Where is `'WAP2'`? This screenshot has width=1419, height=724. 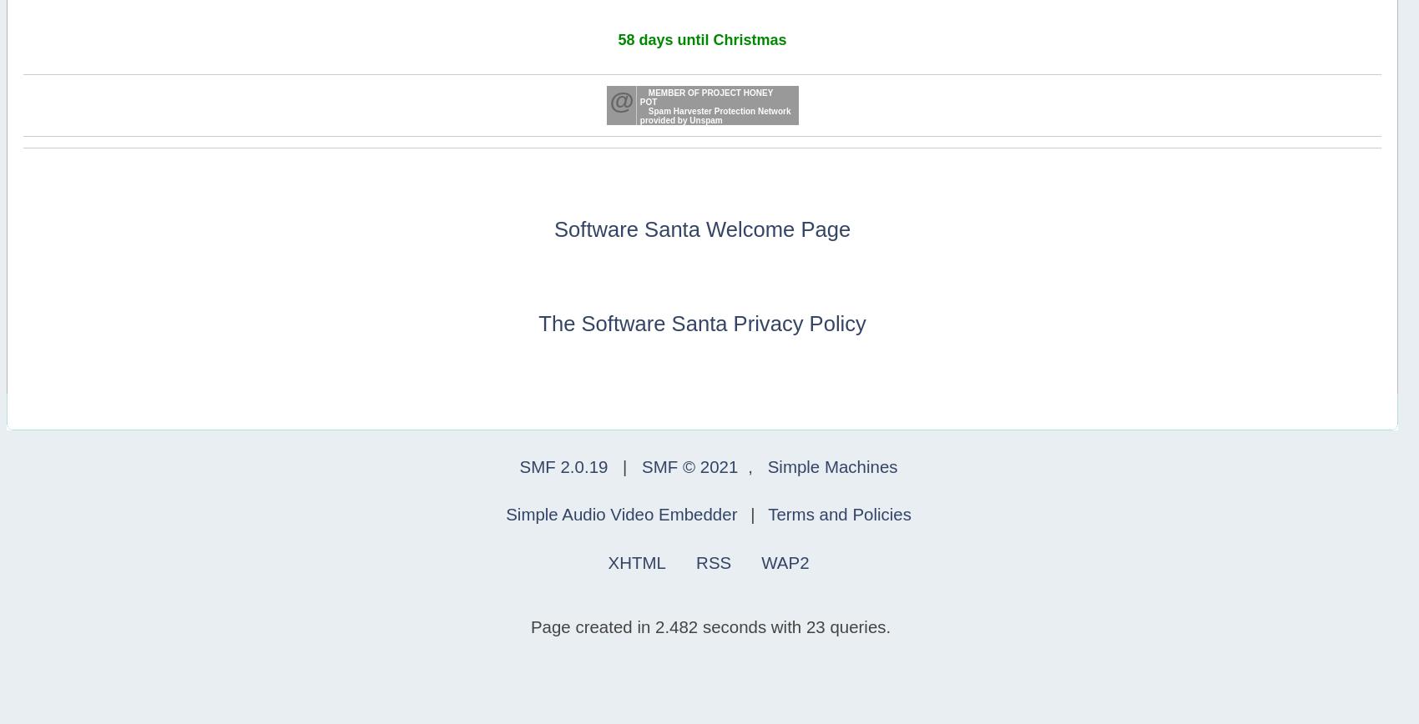
'WAP2' is located at coordinates (785, 561).